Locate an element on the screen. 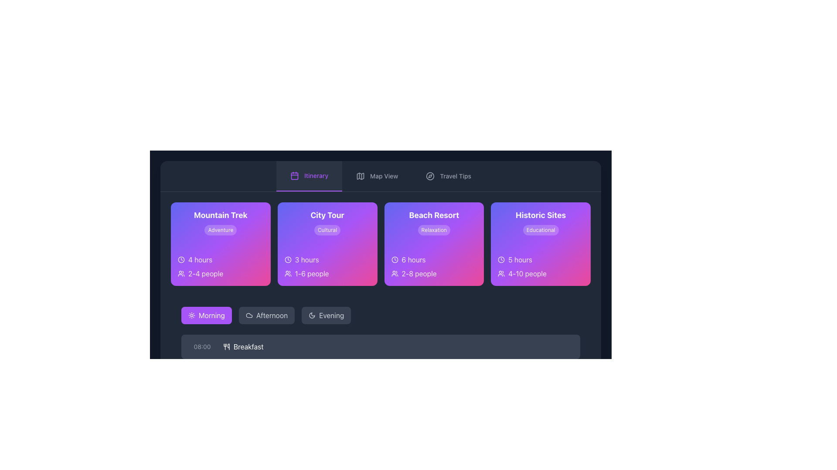 This screenshot has width=837, height=470. the group icon that visually symbolizes the concept of '4-10 people' located at the top-left corner of the corresponding text in the Historic Sites card is located at coordinates (501, 273).